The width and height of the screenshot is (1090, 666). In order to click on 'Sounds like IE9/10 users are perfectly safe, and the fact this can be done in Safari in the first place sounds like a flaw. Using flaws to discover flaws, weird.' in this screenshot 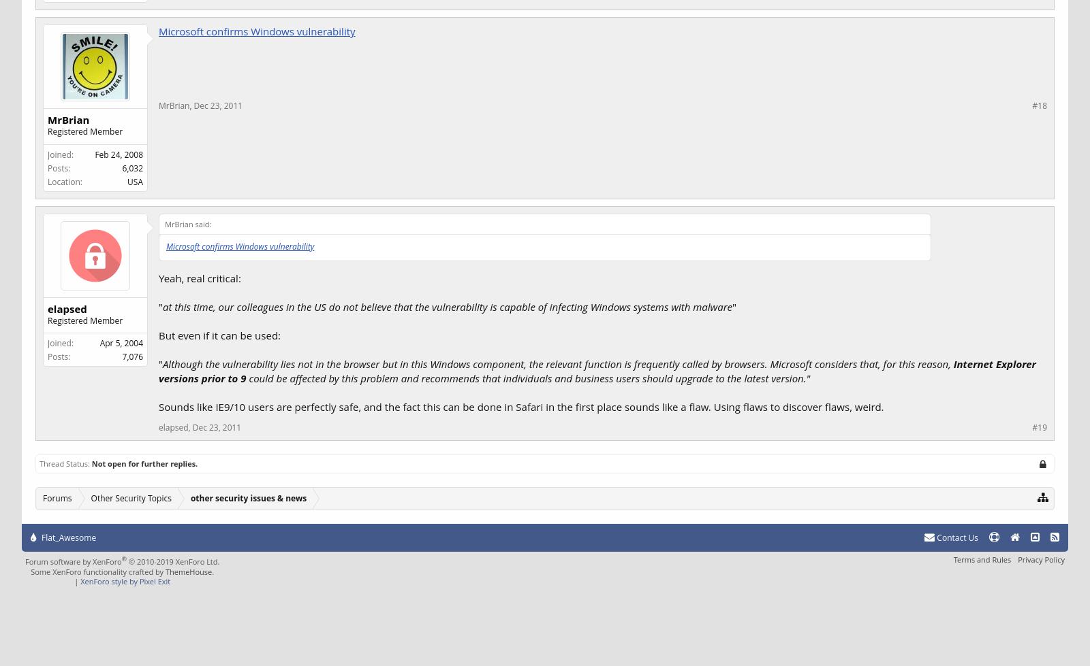, I will do `click(520, 405)`.